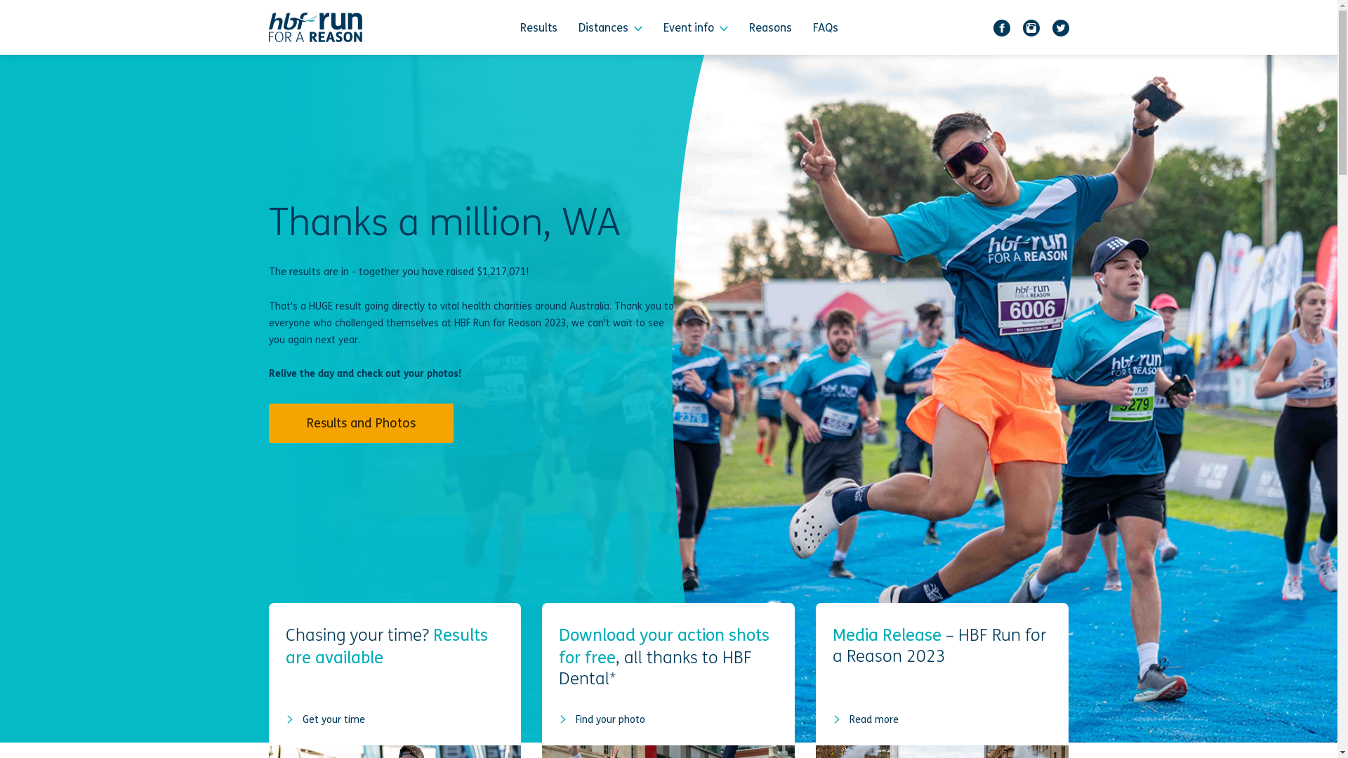  Describe the element at coordinates (987, 27) in the screenshot. I see `'Facebook'` at that location.